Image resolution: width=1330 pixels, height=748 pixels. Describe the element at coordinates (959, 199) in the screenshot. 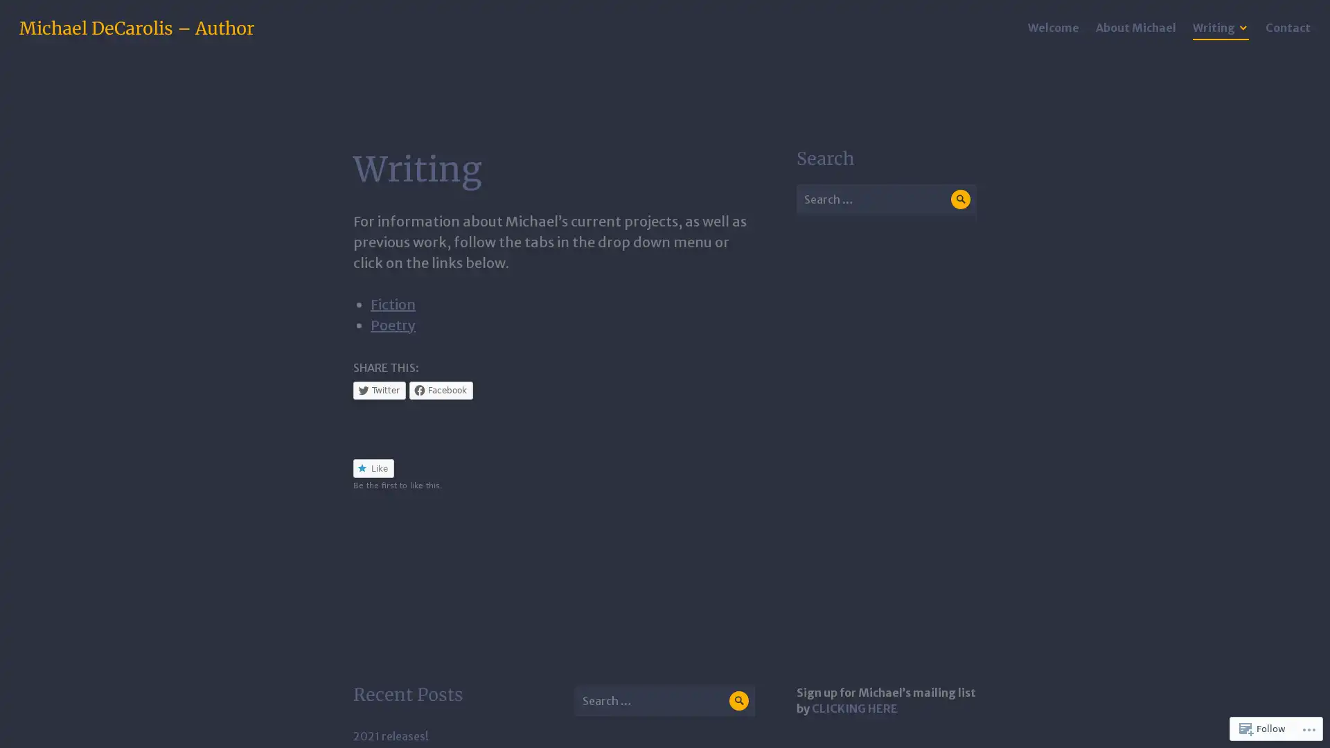

I see `Search` at that location.